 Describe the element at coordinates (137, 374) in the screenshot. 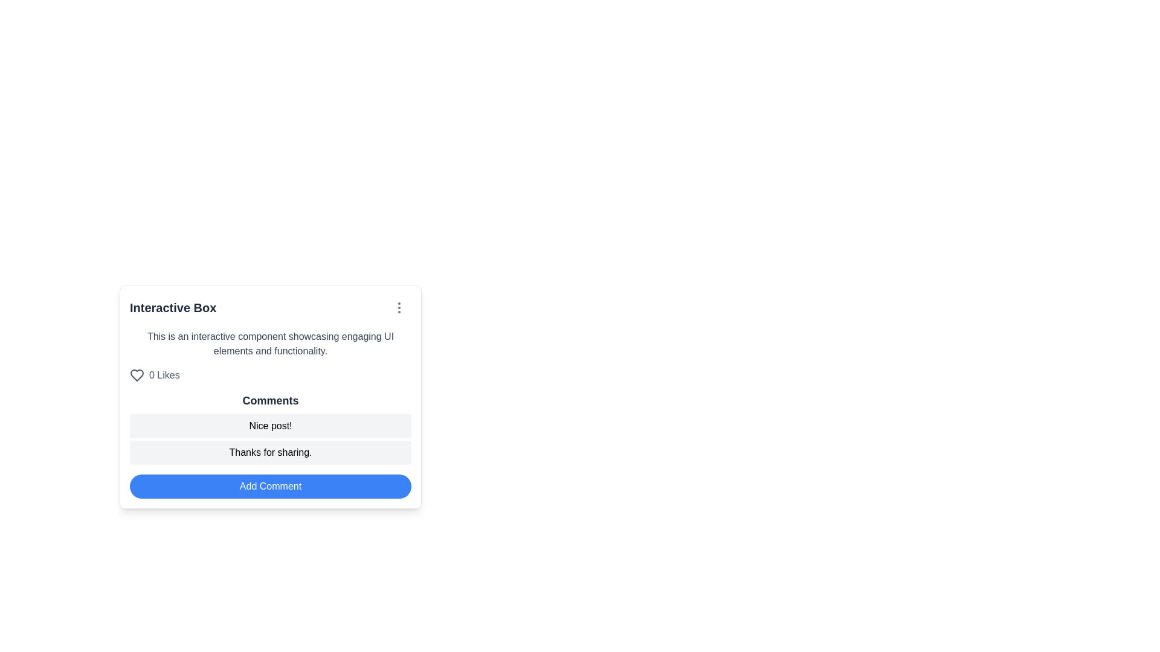

I see `the 'like' icon located to the immediate left of the text '0 Likes'` at that location.